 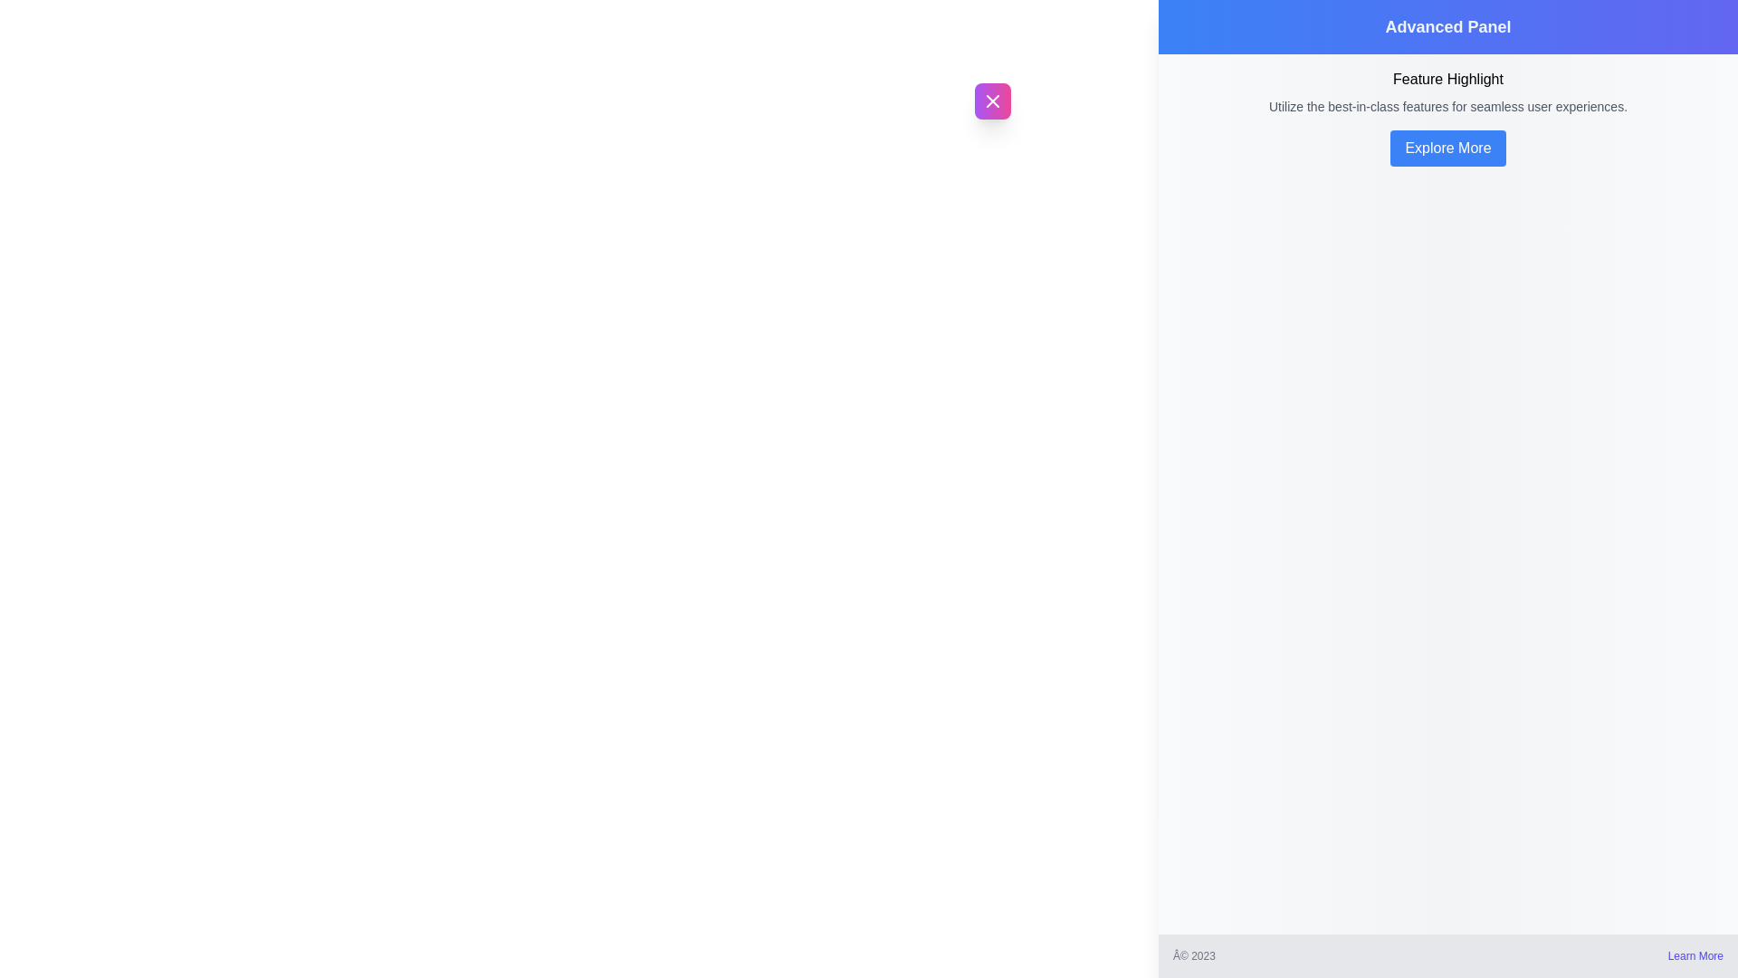 I want to click on the Text Label that serves as a heading or title in the 'Advanced Panel' section, located centrally at the top above the text 'Utilize the best-in-class features', so click(x=1447, y=79).